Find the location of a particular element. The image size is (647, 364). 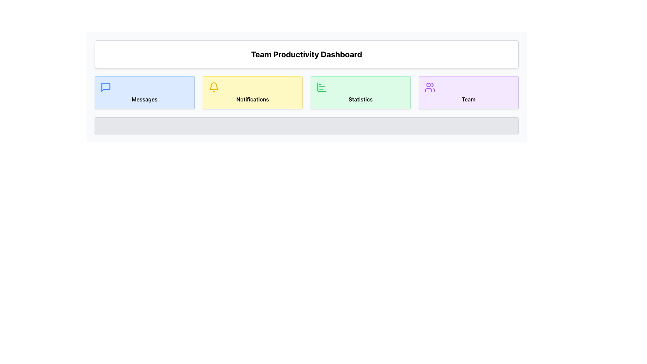

descriptive text label indicating its association with 'Team', located at the bottom center of a purple card in the rightmost position of a horizontal grid of four cards is located at coordinates (468, 99).